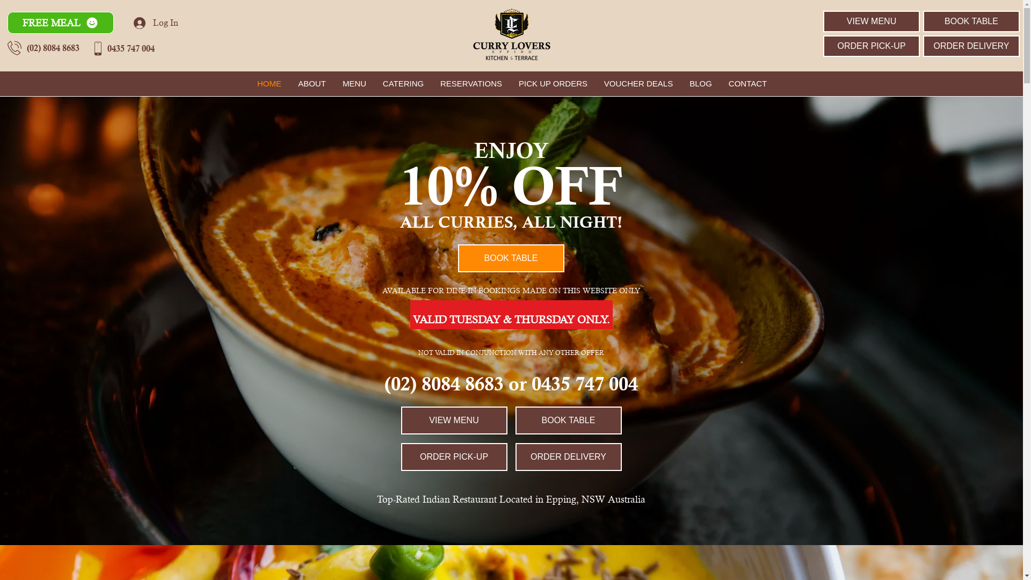 This screenshot has width=1031, height=580. Describe the element at coordinates (155, 23) in the screenshot. I see `'Log In'` at that location.